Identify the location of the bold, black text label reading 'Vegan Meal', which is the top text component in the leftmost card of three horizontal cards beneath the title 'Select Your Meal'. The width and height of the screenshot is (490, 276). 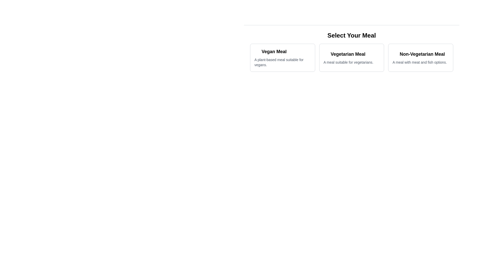
(282, 51).